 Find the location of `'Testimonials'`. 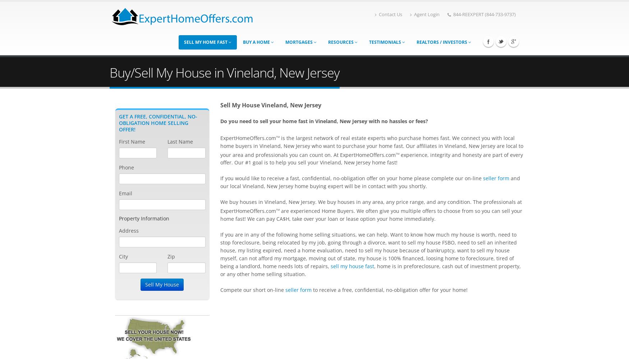

'Testimonials' is located at coordinates (385, 42).